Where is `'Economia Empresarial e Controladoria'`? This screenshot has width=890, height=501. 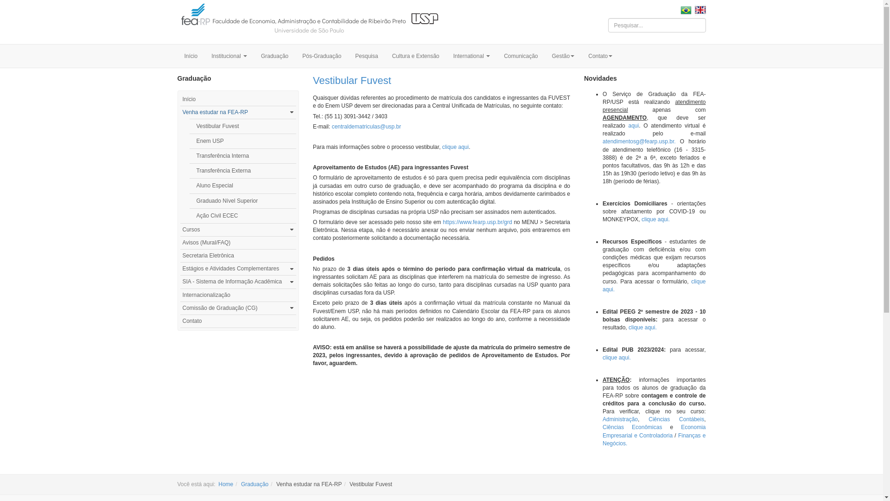 'Economia Empresarial e Controladoria' is located at coordinates (654, 431).